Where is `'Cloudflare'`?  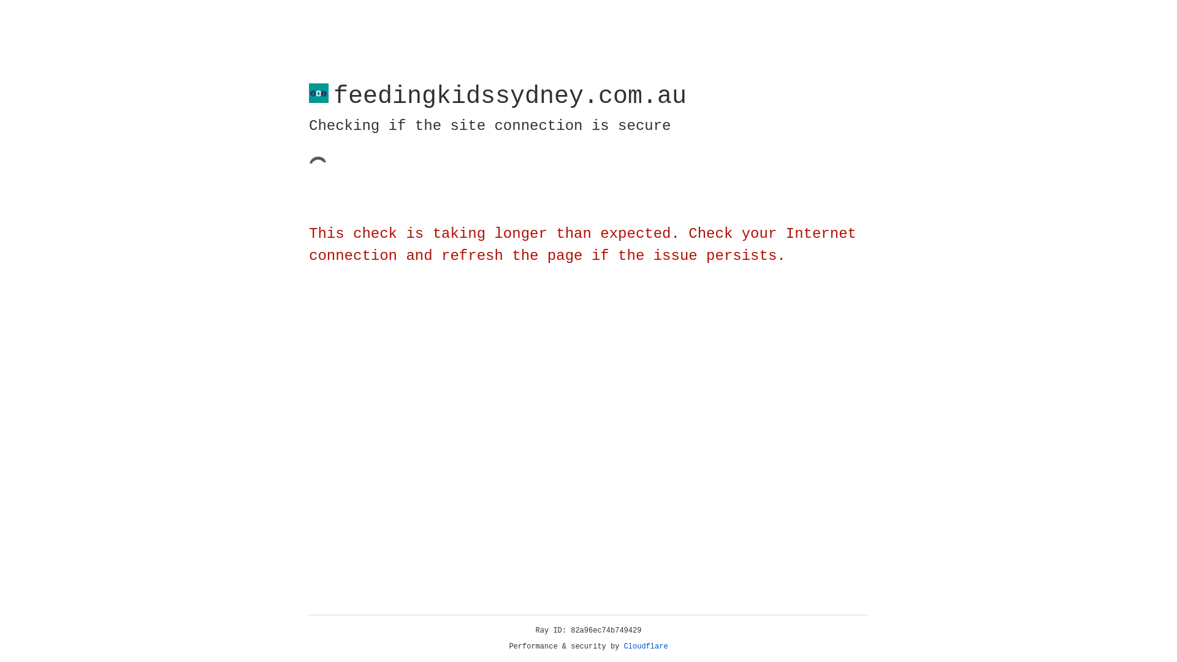
'Cloudflare' is located at coordinates (623, 646).